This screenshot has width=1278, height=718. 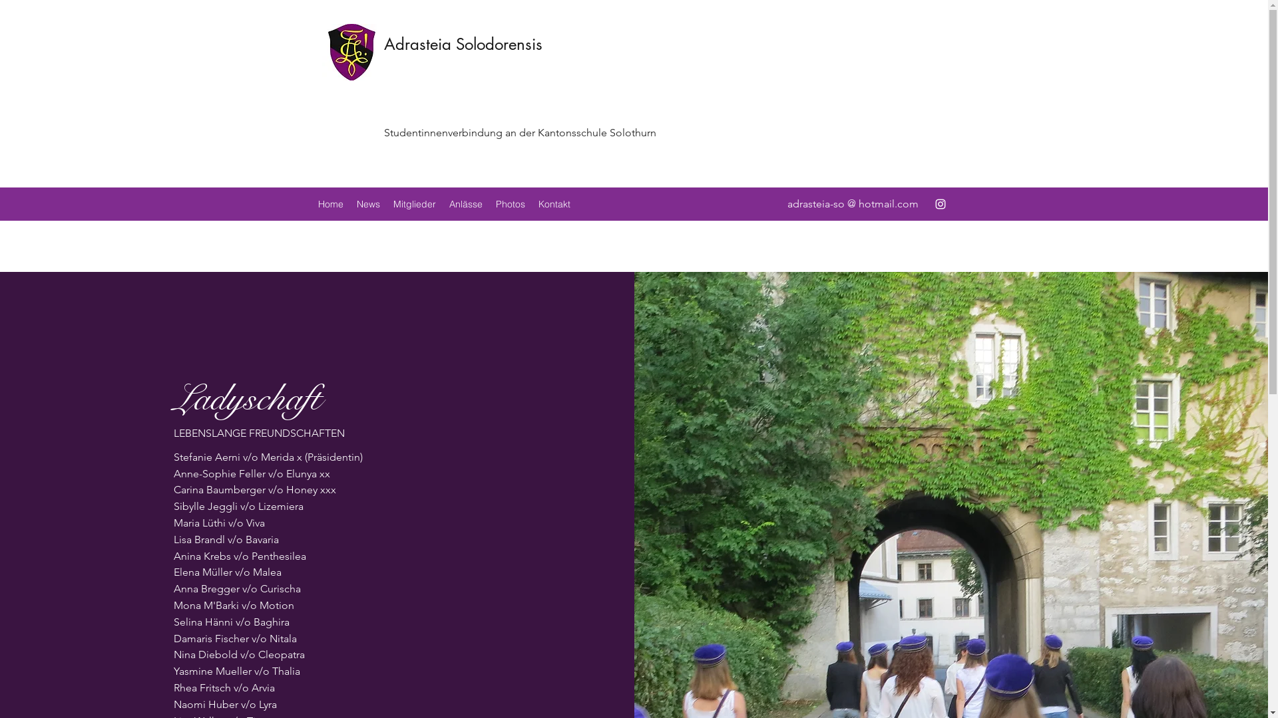 What do you see at coordinates (413, 204) in the screenshot?
I see `'Mitglieder'` at bounding box center [413, 204].